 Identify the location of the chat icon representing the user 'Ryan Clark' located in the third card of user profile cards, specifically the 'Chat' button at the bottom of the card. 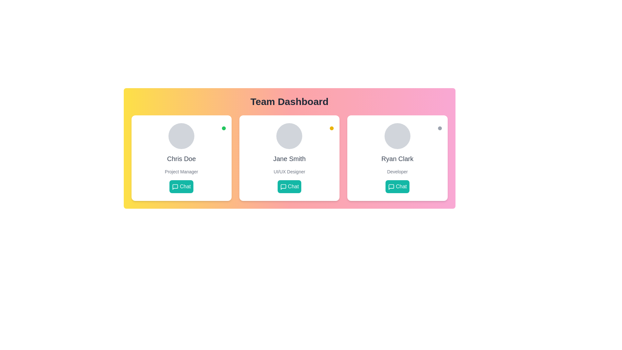
(391, 187).